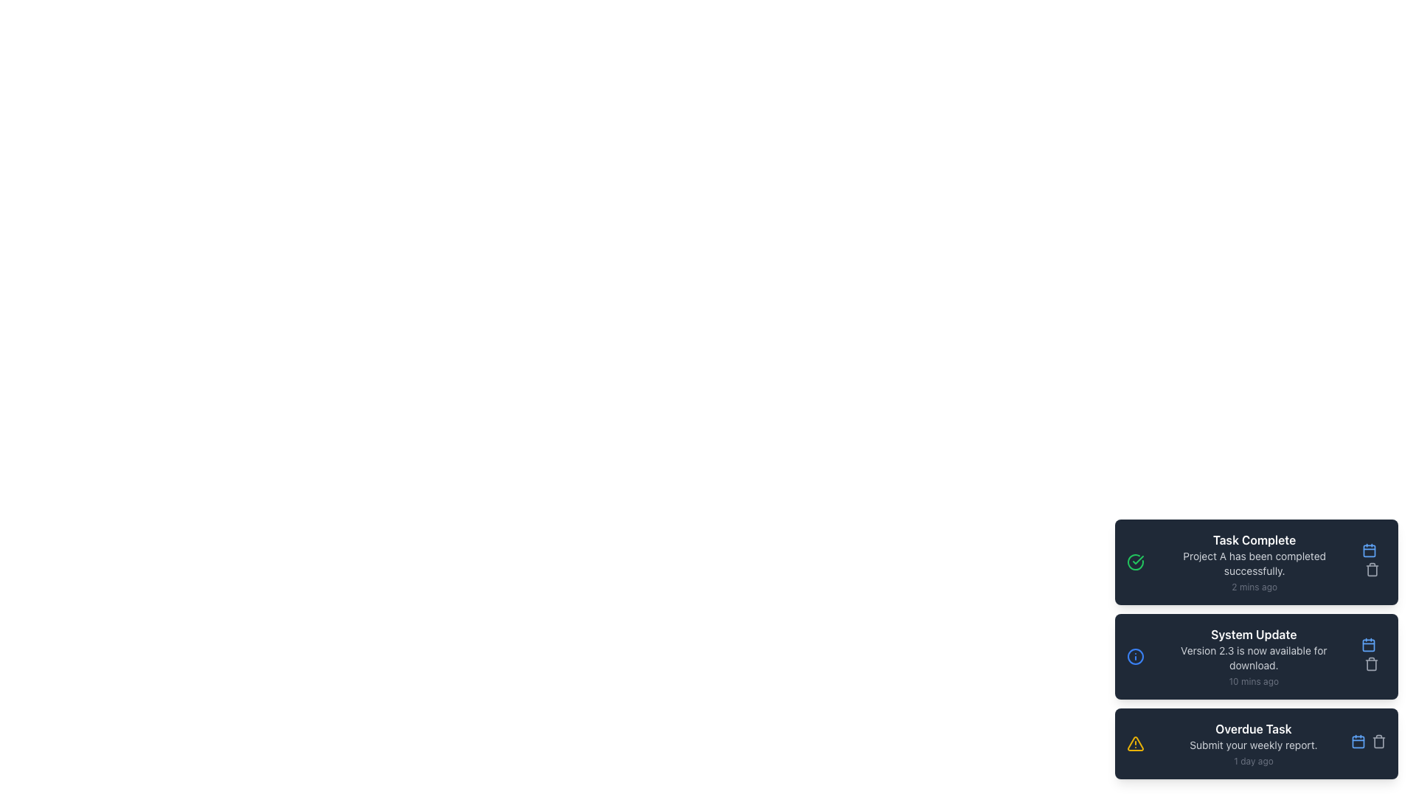 This screenshot has height=797, width=1416. What do you see at coordinates (1254, 563) in the screenshot?
I see `text element displaying the message 'Project A has been completed successfully.', which is styled in a small gray font and positioned below the title 'Task Complete'` at bounding box center [1254, 563].